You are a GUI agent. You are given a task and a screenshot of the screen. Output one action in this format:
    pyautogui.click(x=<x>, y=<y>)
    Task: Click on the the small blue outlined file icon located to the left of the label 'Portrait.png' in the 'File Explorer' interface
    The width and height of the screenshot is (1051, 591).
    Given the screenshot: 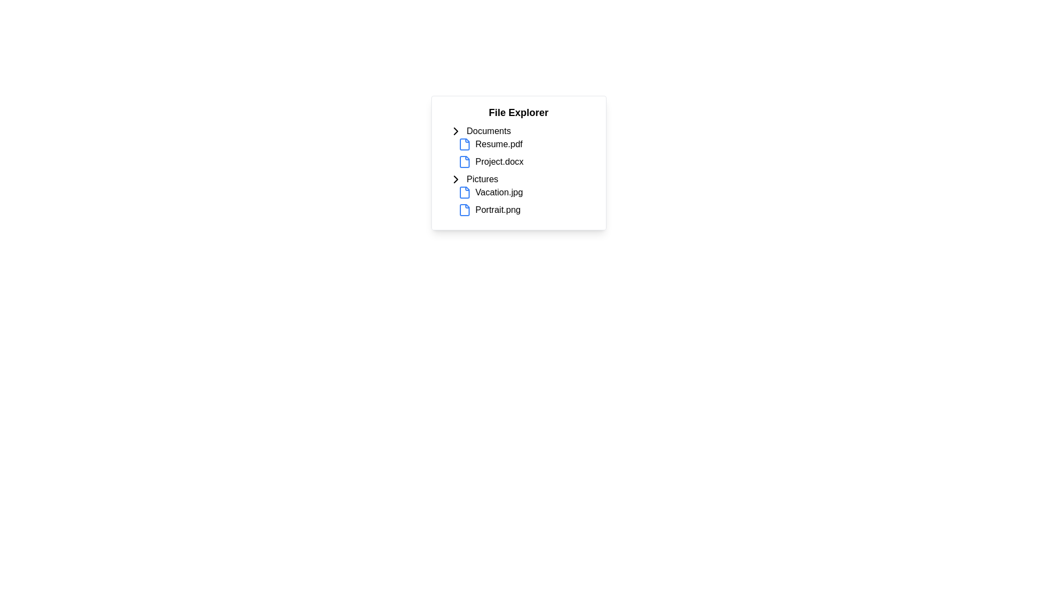 What is the action you would take?
    pyautogui.click(x=464, y=210)
    